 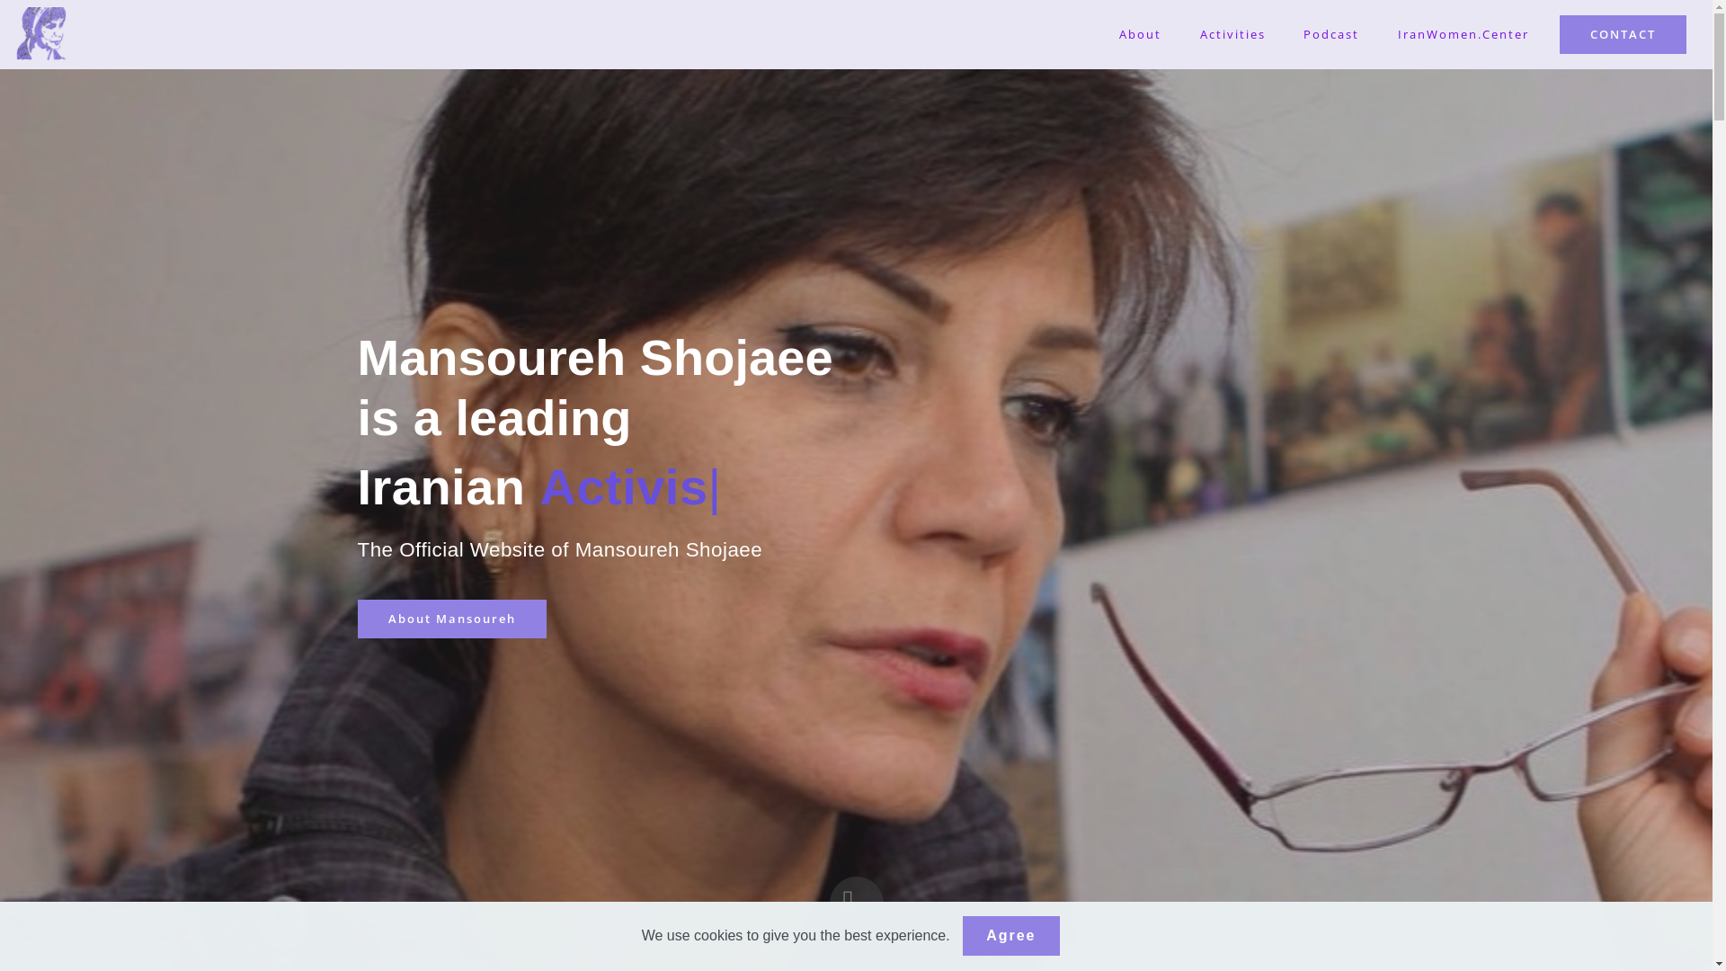 What do you see at coordinates (1232, 34) in the screenshot?
I see `'Activities'` at bounding box center [1232, 34].